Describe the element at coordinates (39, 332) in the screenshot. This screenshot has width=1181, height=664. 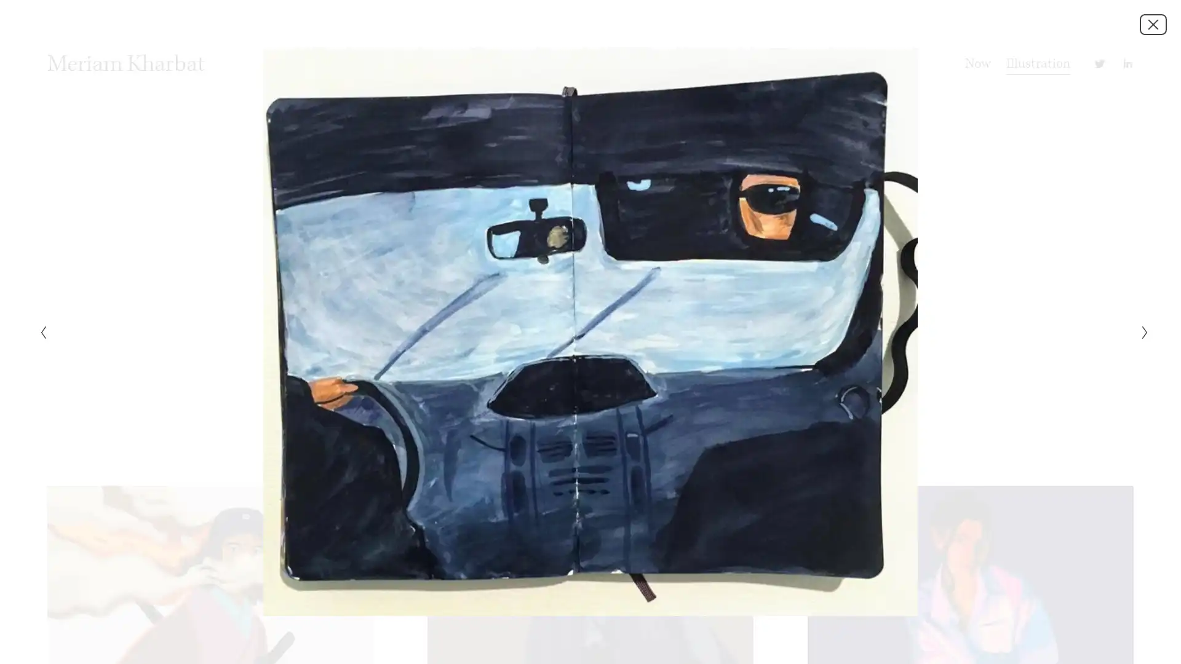
I see `Previous Slide` at that location.